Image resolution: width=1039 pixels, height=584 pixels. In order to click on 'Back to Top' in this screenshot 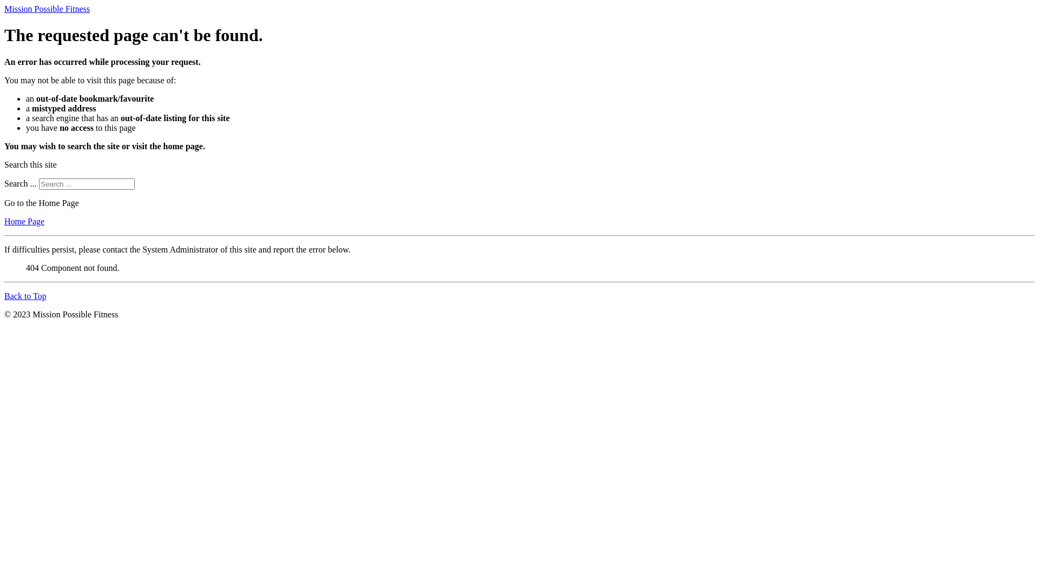, I will do `click(25, 296)`.